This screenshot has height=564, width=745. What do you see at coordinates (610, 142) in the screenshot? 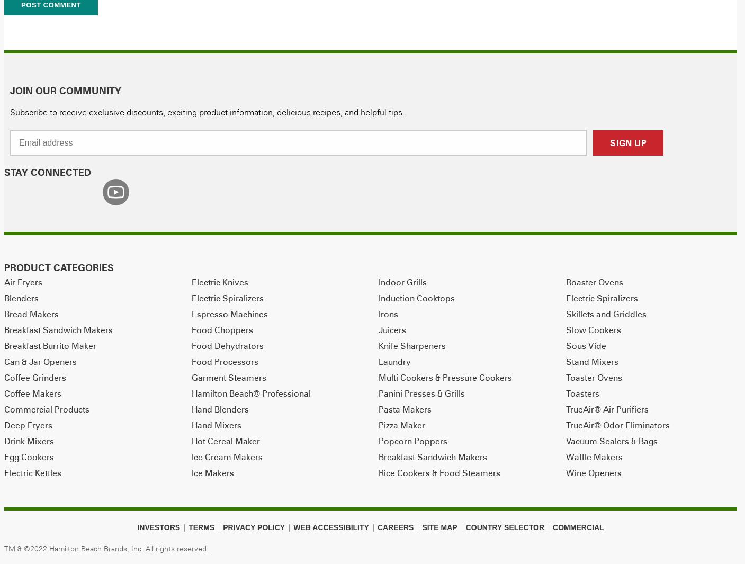
I see `'SIGN UP'` at bounding box center [610, 142].